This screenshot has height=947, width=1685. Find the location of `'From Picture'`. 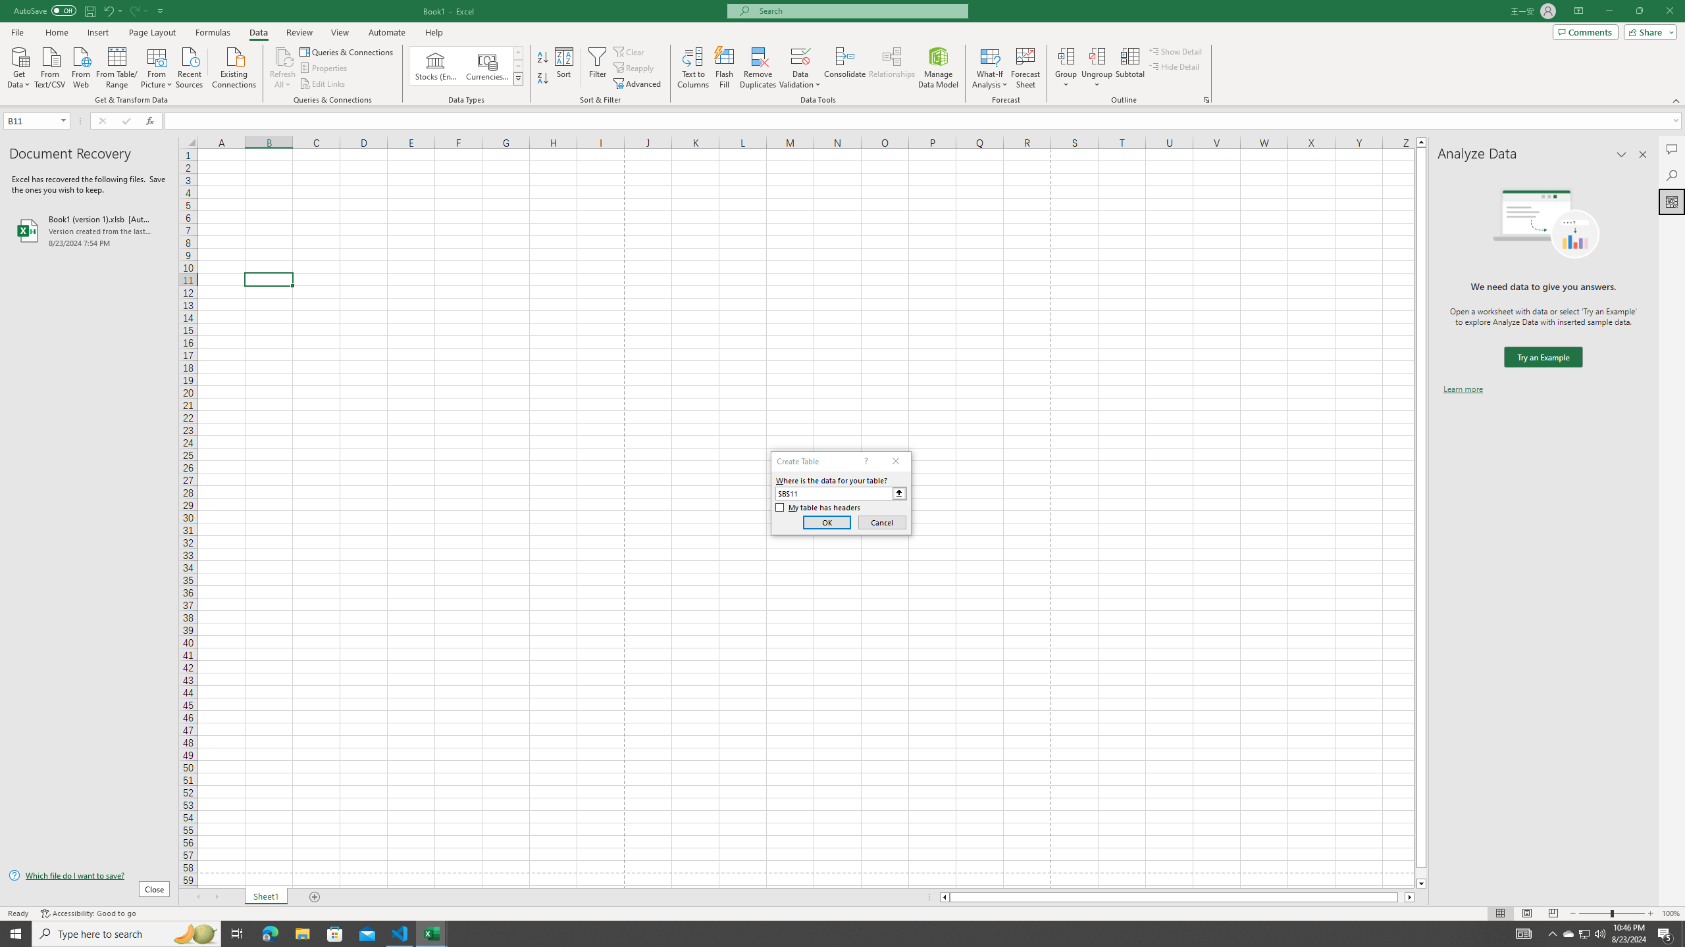

'From Picture' is located at coordinates (157, 66).